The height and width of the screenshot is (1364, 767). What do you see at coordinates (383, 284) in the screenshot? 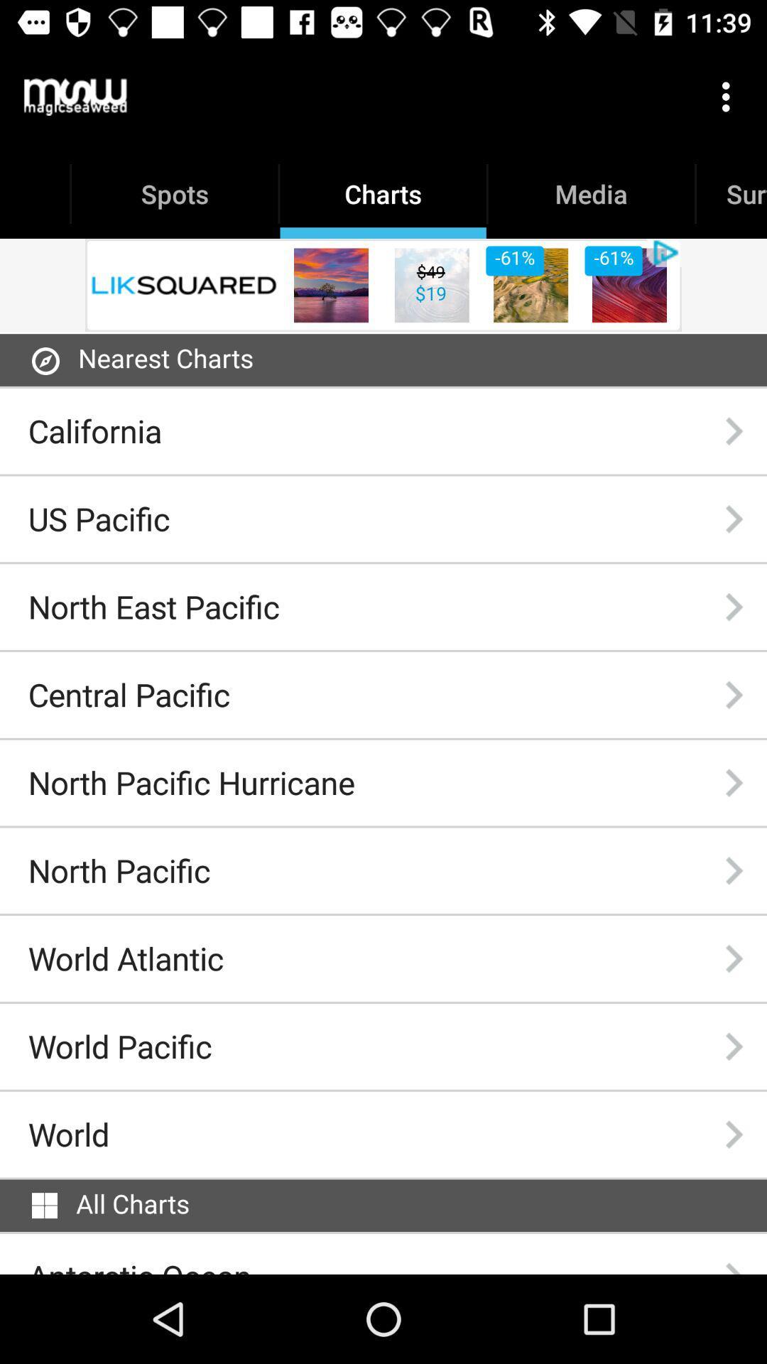
I see `the item above the nearest charts item` at bounding box center [383, 284].